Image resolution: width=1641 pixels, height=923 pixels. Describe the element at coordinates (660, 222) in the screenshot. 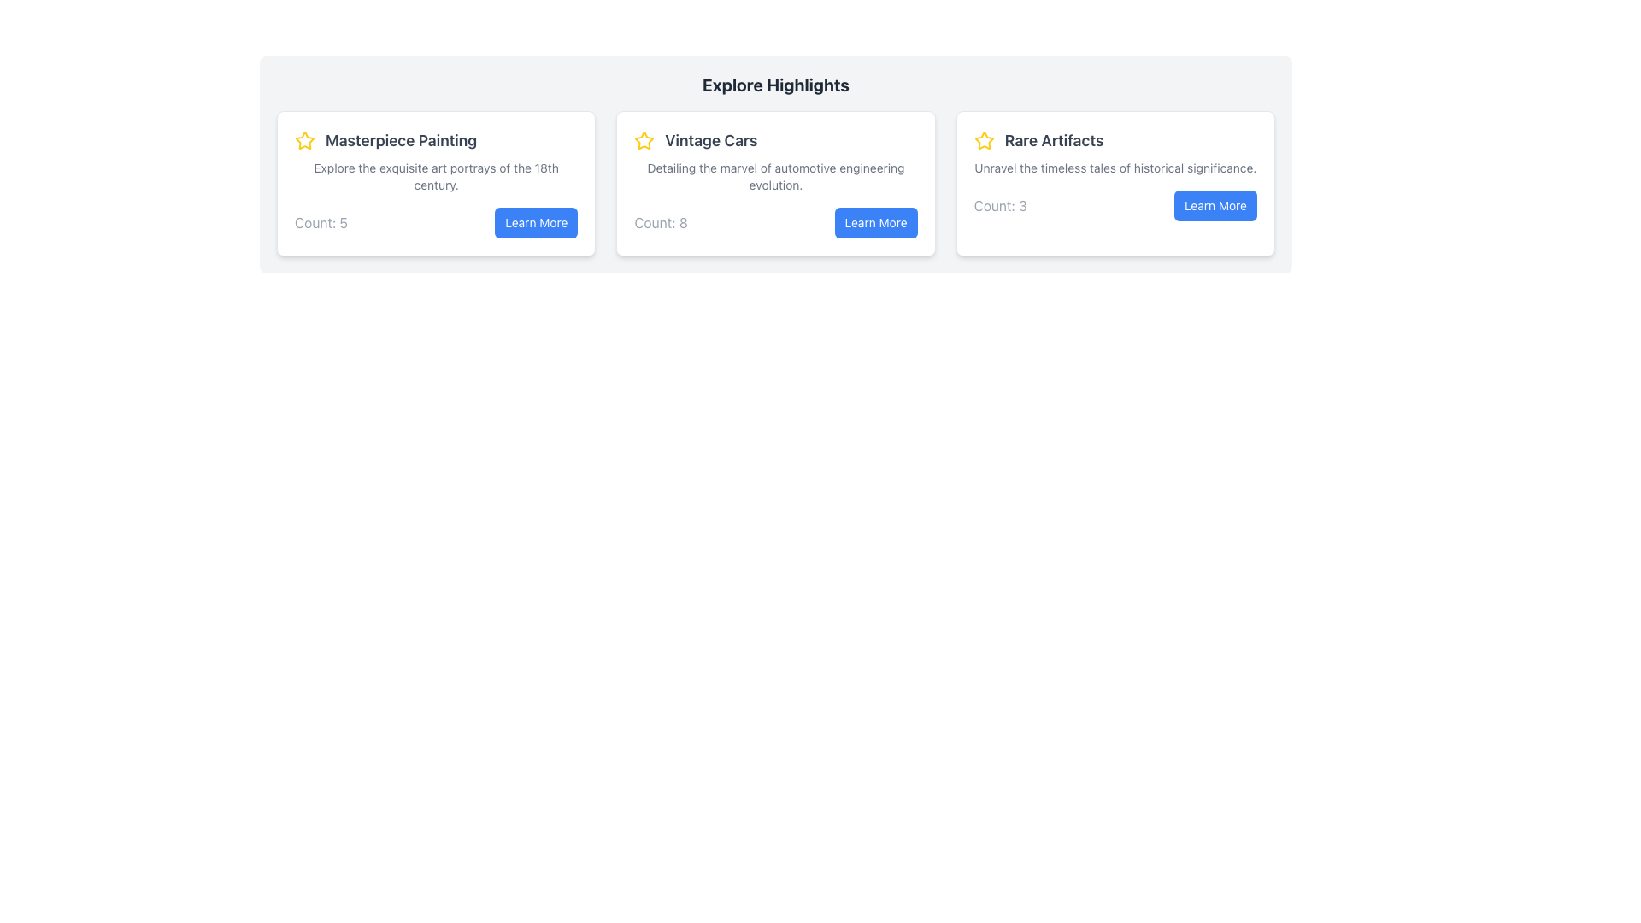

I see `the static text label displaying a numerical count in the 'Vintage Cars' card, which is located at the bottom-left part of the card` at that location.